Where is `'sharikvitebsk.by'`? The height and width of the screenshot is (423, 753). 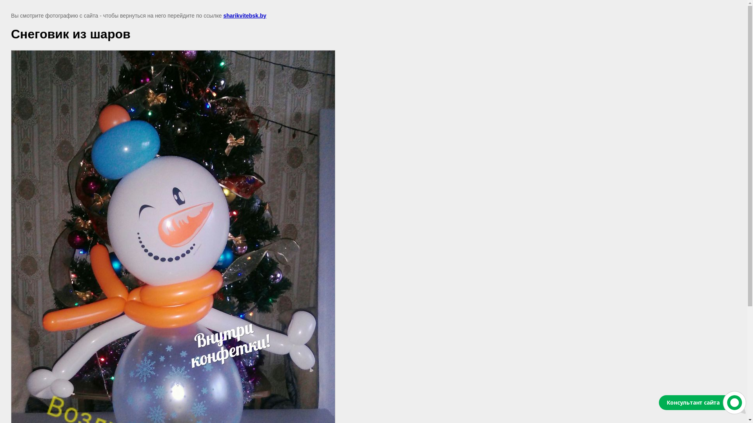
'sharikvitebsk.by' is located at coordinates (244, 15).